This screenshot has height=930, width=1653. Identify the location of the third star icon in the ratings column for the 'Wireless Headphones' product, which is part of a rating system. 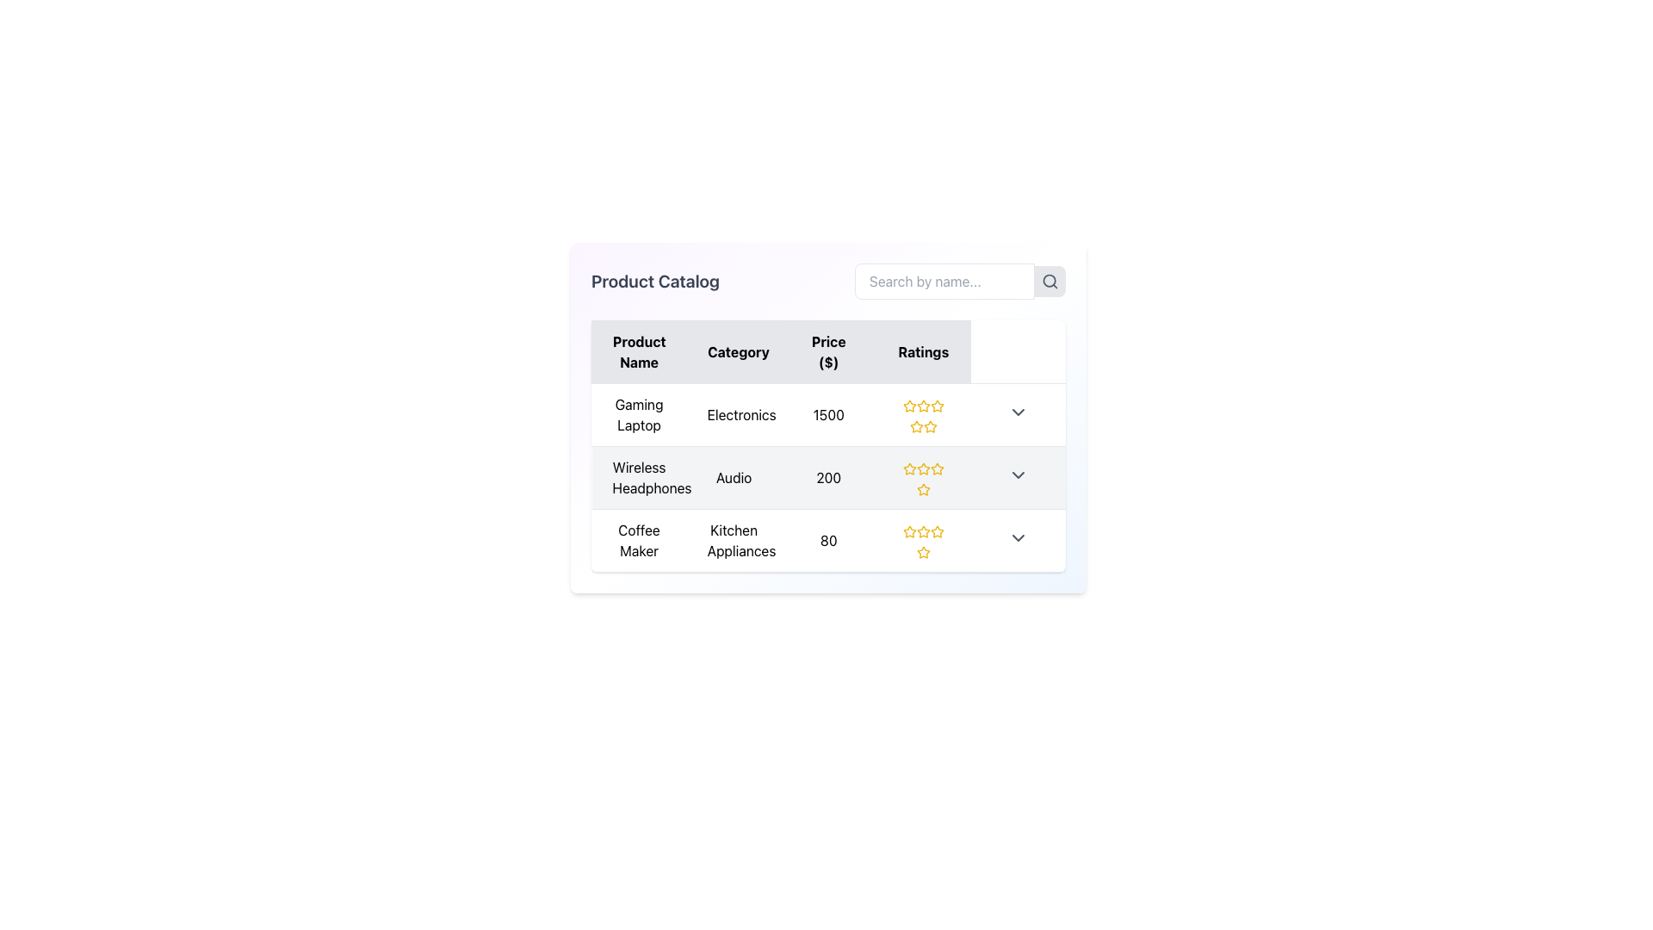
(922, 468).